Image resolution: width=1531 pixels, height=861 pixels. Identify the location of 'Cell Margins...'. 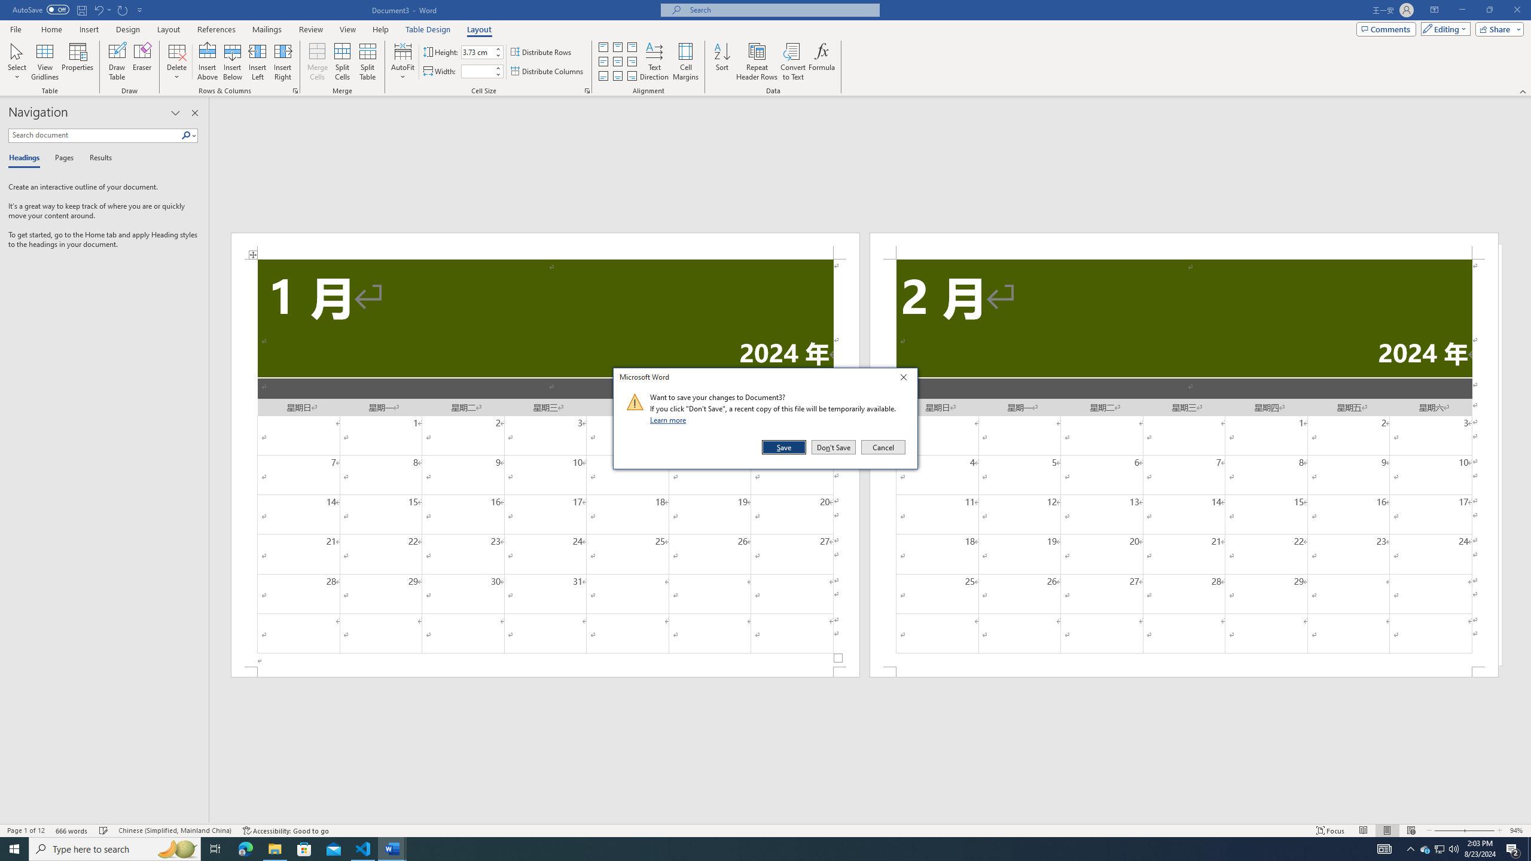
(685, 62).